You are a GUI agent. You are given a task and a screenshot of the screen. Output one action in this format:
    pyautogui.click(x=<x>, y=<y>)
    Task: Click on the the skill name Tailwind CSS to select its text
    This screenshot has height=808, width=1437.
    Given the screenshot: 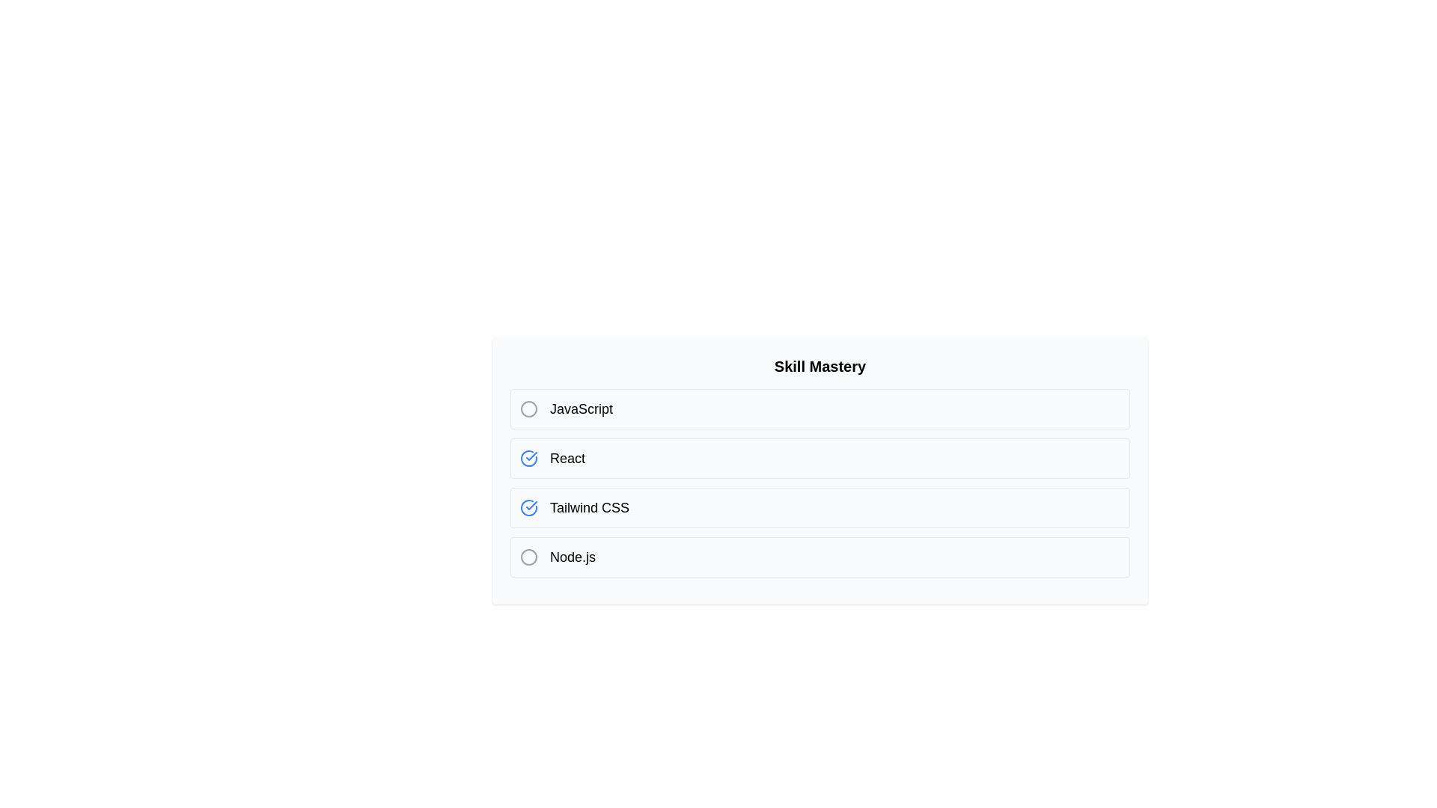 What is the action you would take?
    pyautogui.click(x=588, y=506)
    